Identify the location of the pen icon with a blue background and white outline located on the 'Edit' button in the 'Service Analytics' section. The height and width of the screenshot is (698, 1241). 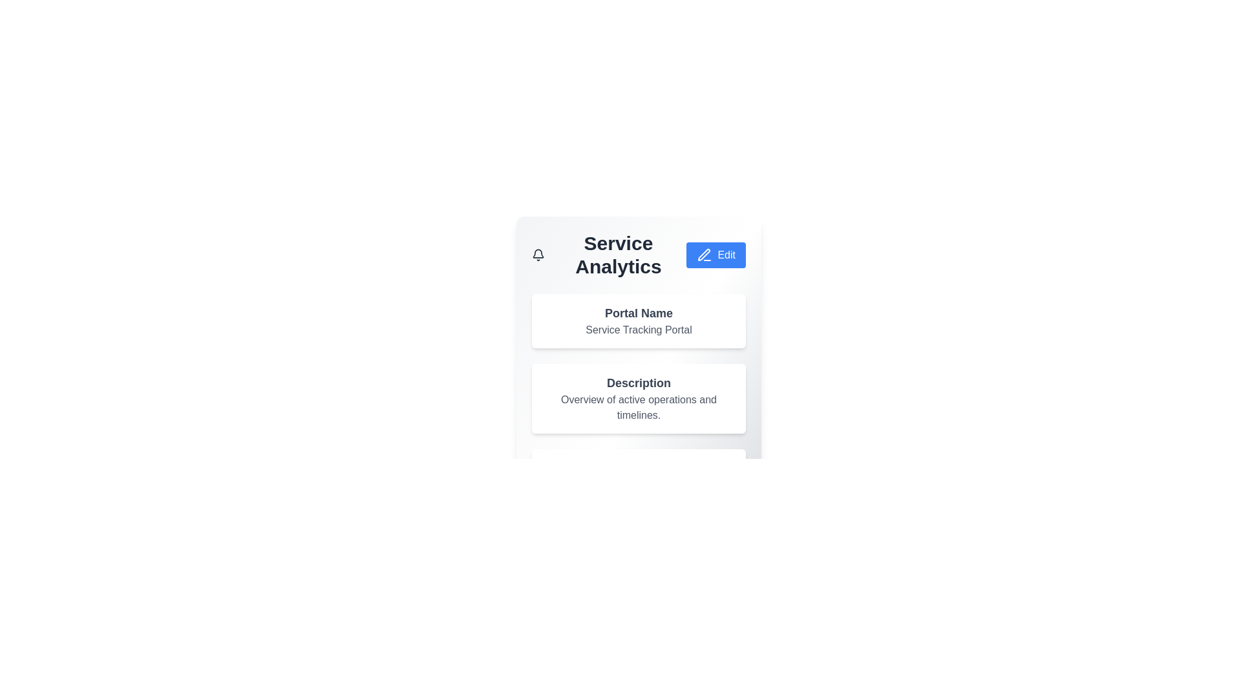
(704, 255).